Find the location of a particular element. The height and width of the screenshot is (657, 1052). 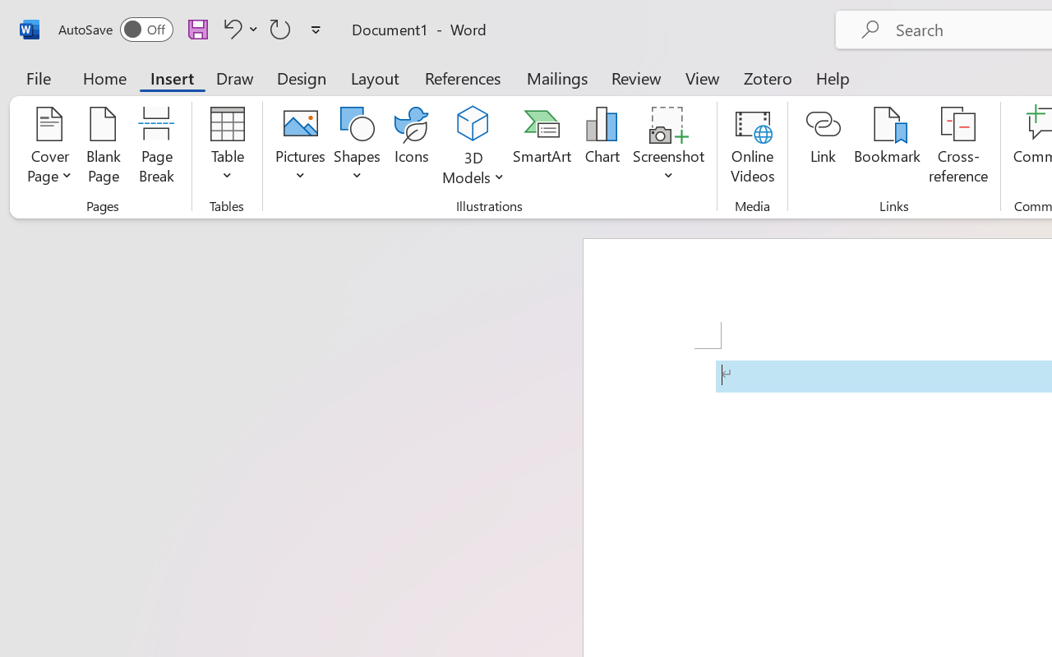

'Repeat Style' is located at coordinates (280, 28).